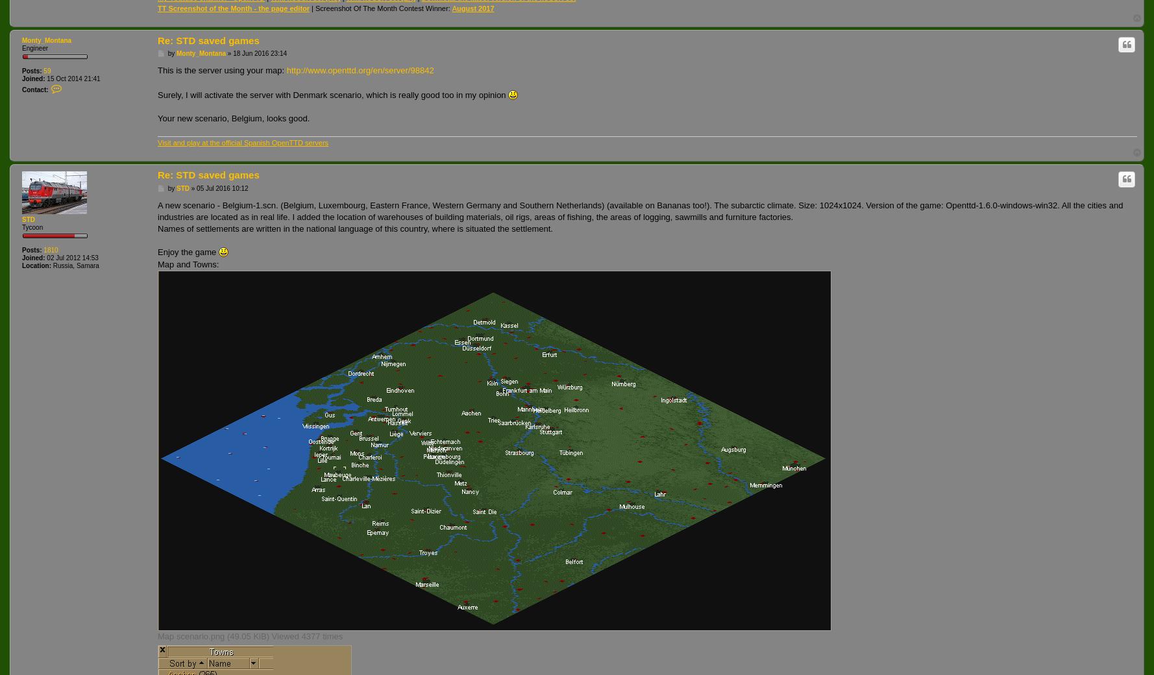  I want to click on 'Tycoon', so click(32, 227).